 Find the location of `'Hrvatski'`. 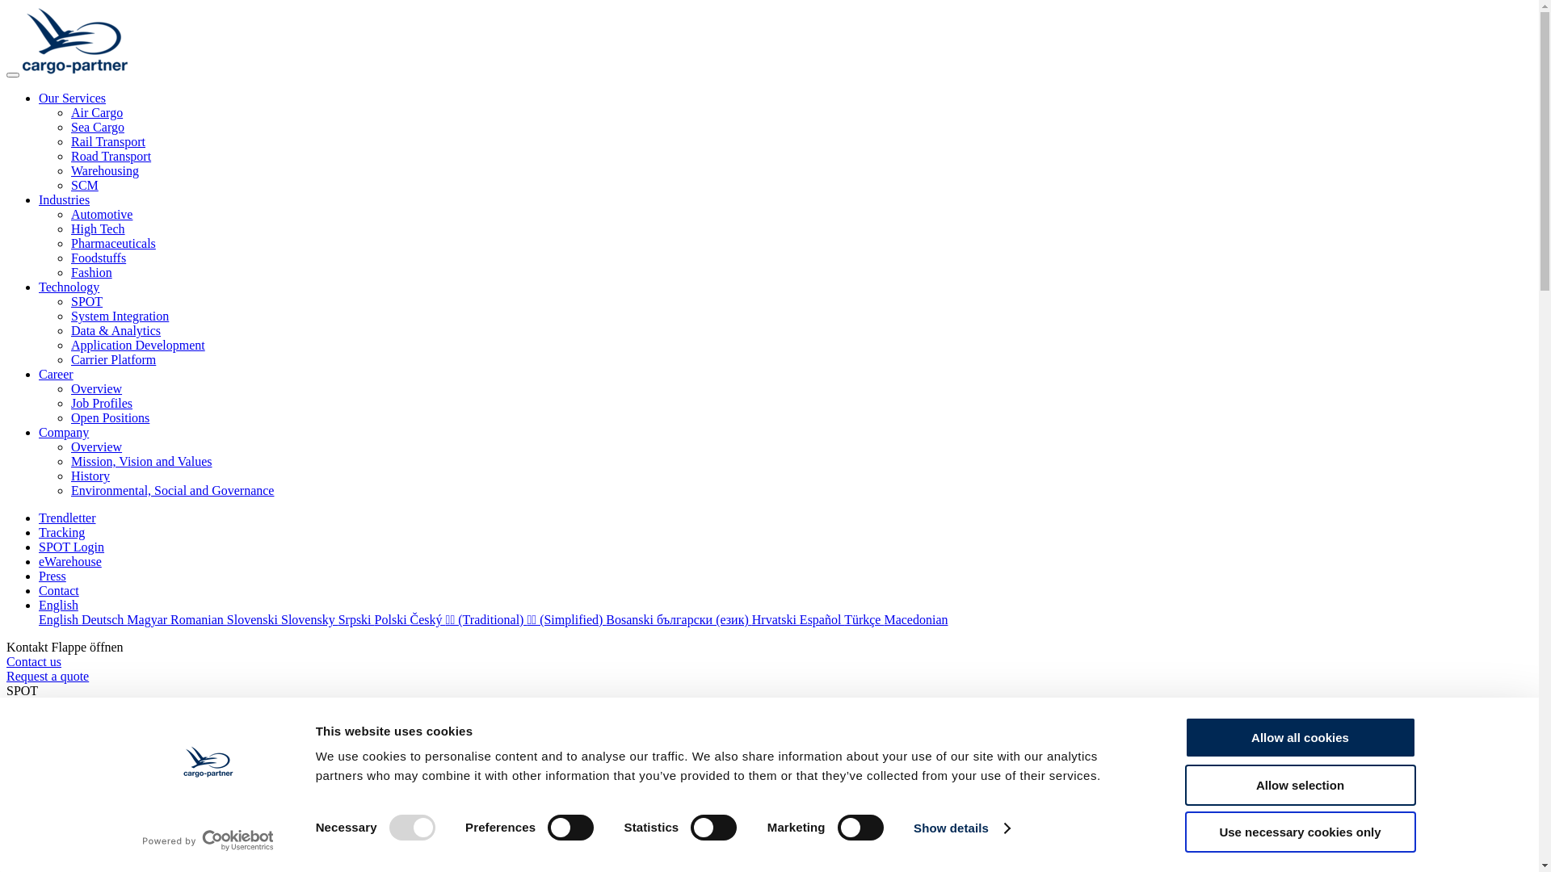

'Hrvatski' is located at coordinates (775, 618).